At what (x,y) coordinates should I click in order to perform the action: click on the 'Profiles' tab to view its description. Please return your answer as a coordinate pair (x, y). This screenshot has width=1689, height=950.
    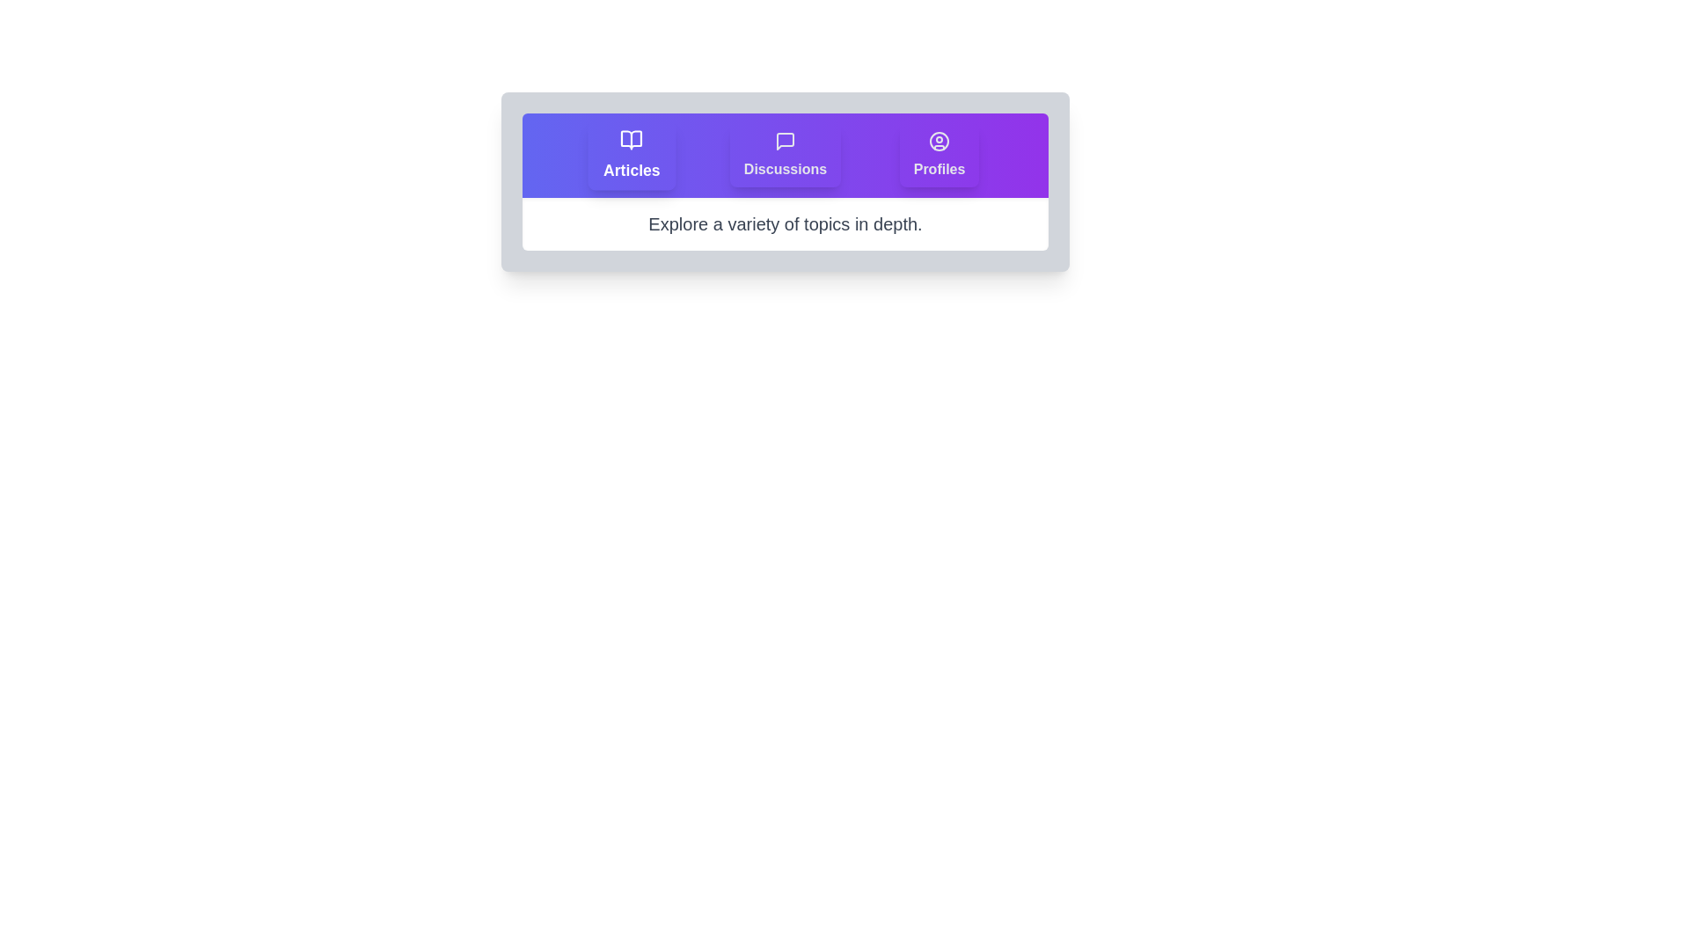
    Looking at the image, I should click on (939, 155).